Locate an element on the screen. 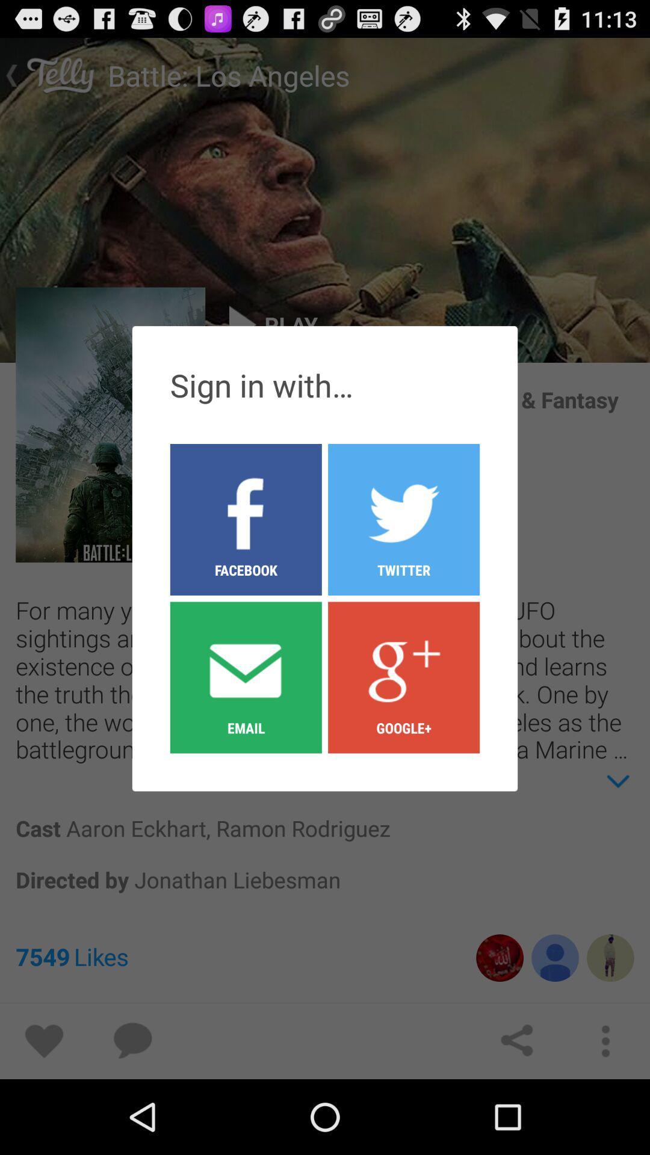  item to the right of the facebook icon is located at coordinates (404, 677).